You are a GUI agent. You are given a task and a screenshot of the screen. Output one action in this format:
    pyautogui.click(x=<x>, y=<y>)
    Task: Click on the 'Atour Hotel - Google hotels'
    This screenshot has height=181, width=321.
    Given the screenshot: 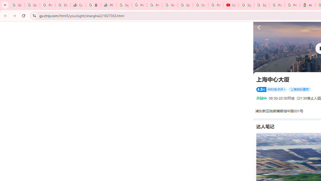 What is the action you would take?
    pyautogui.click(x=307, y=5)
    